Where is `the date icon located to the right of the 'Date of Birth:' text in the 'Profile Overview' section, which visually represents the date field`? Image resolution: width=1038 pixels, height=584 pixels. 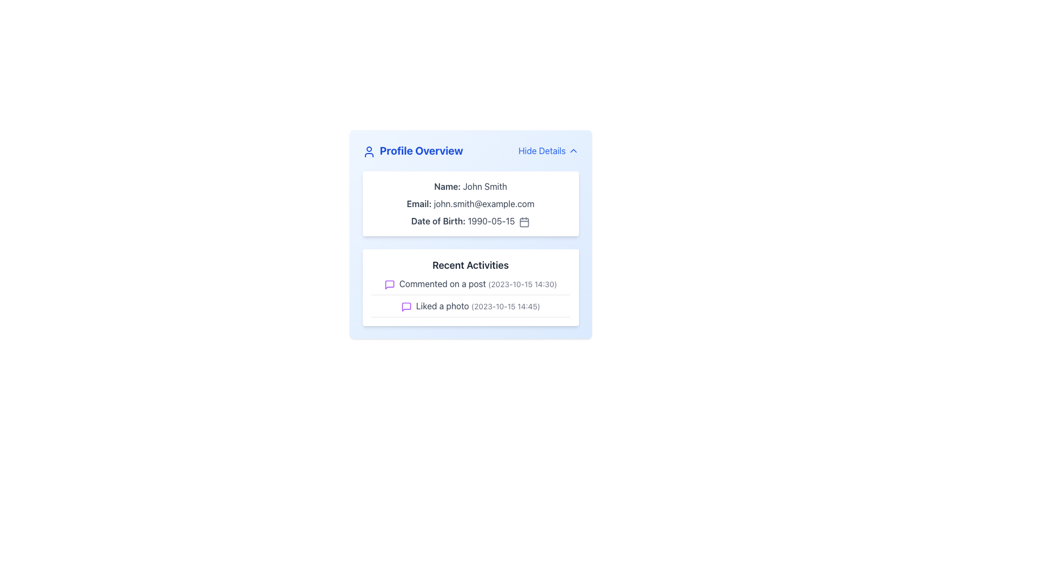 the date icon located to the right of the 'Date of Birth:' text in the 'Profile Overview' section, which visually represents the date field is located at coordinates (524, 221).